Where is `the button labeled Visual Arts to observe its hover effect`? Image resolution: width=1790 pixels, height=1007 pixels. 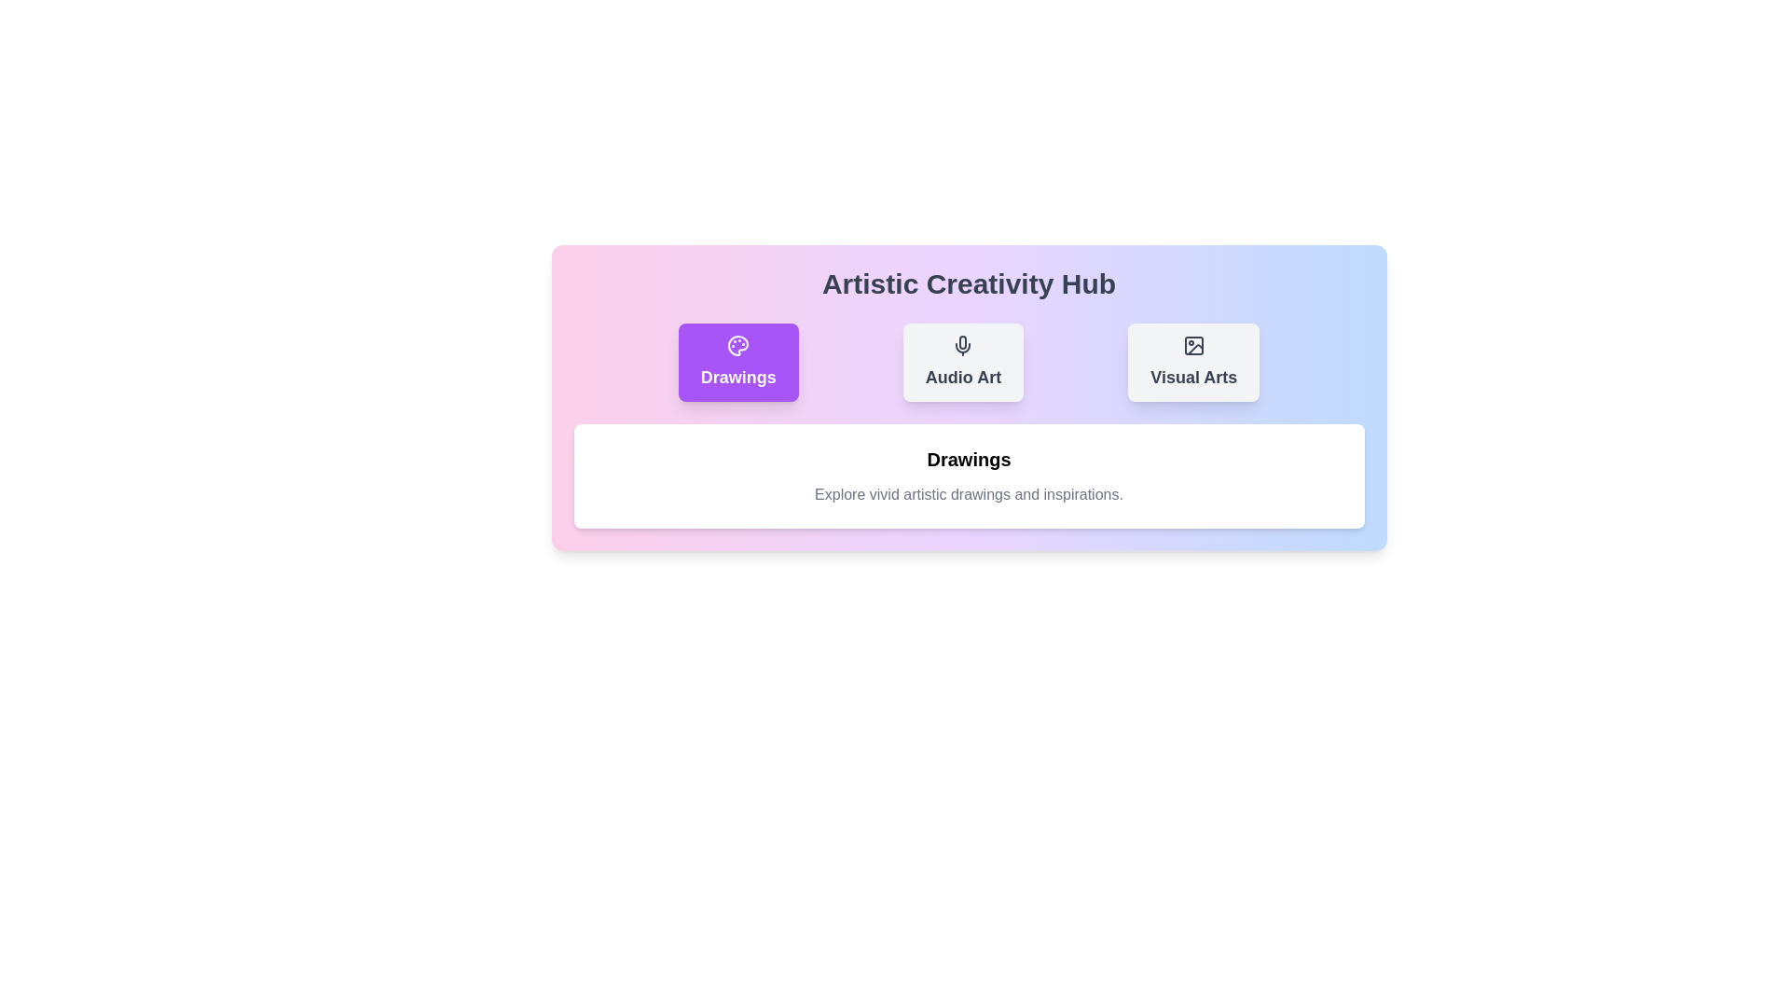 the button labeled Visual Arts to observe its hover effect is located at coordinates (1194, 363).